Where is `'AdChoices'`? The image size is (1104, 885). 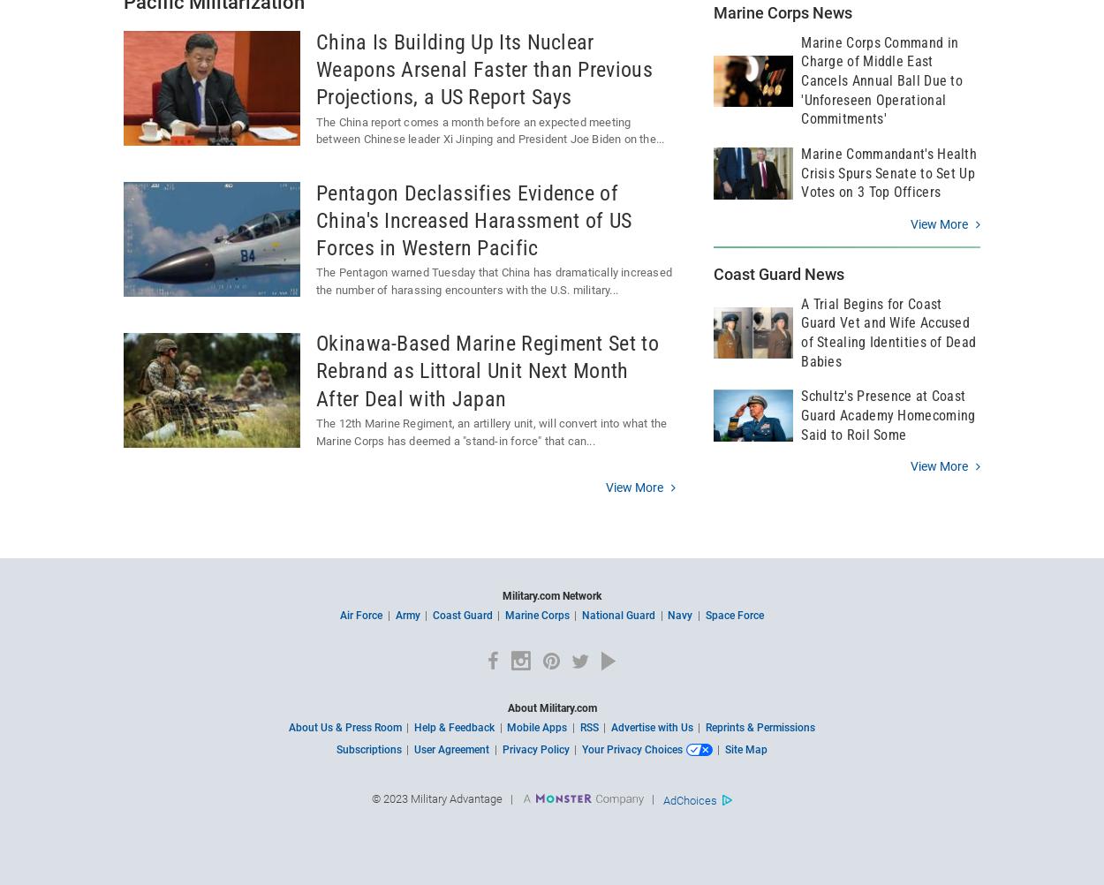 'AdChoices' is located at coordinates (691, 799).